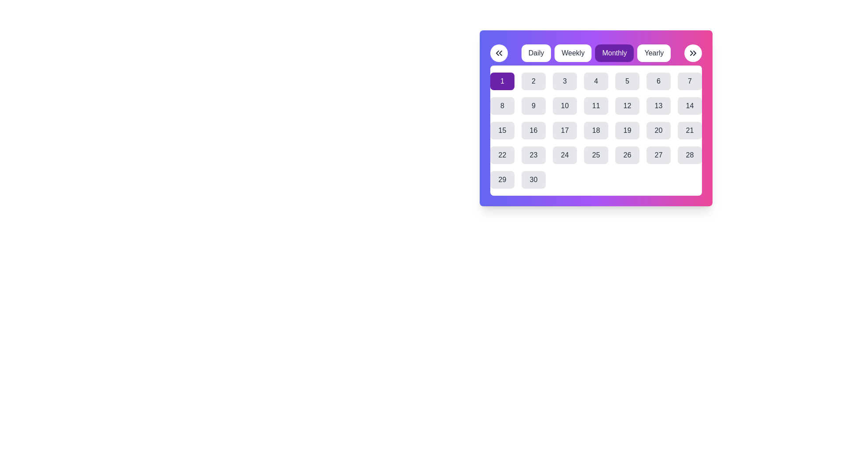 The width and height of the screenshot is (845, 475). What do you see at coordinates (502, 105) in the screenshot?
I see `the button displaying the number '8' with a light gray background located in the second column of the second row in the grid layout` at bounding box center [502, 105].